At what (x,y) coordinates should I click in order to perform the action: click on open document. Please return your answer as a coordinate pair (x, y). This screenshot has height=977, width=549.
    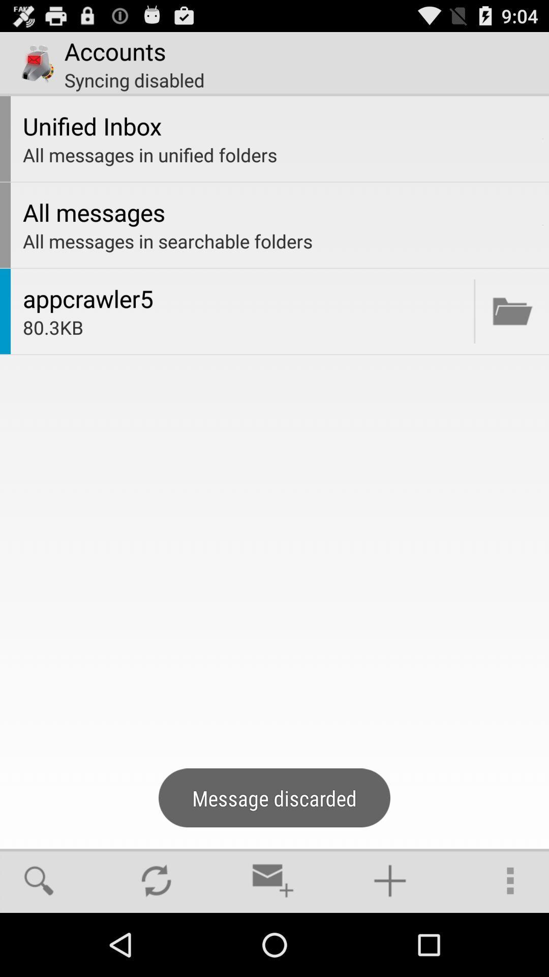
    Looking at the image, I should click on (512, 310).